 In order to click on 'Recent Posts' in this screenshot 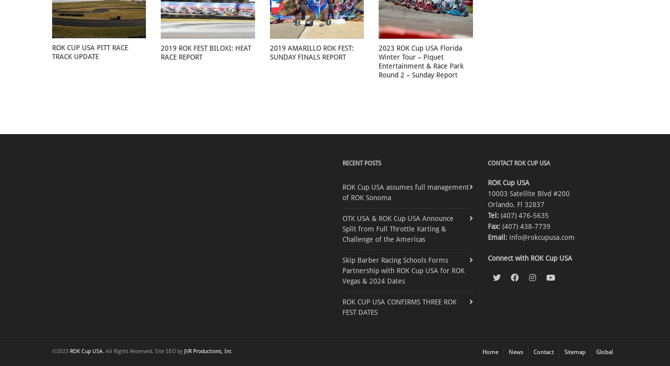, I will do `click(361, 162)`.